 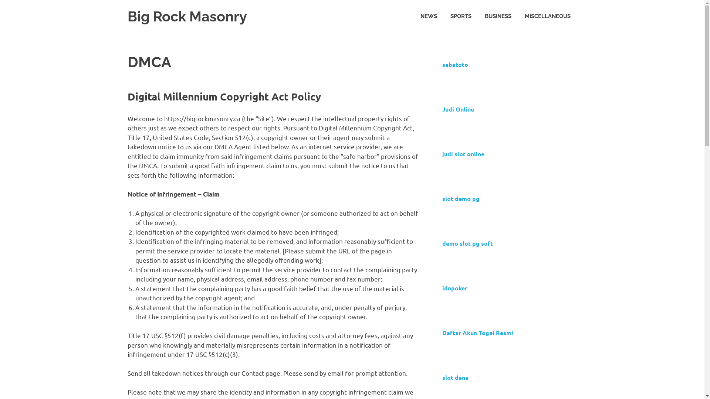 I want to click on 'NEWS', so click(x=428, y=16).